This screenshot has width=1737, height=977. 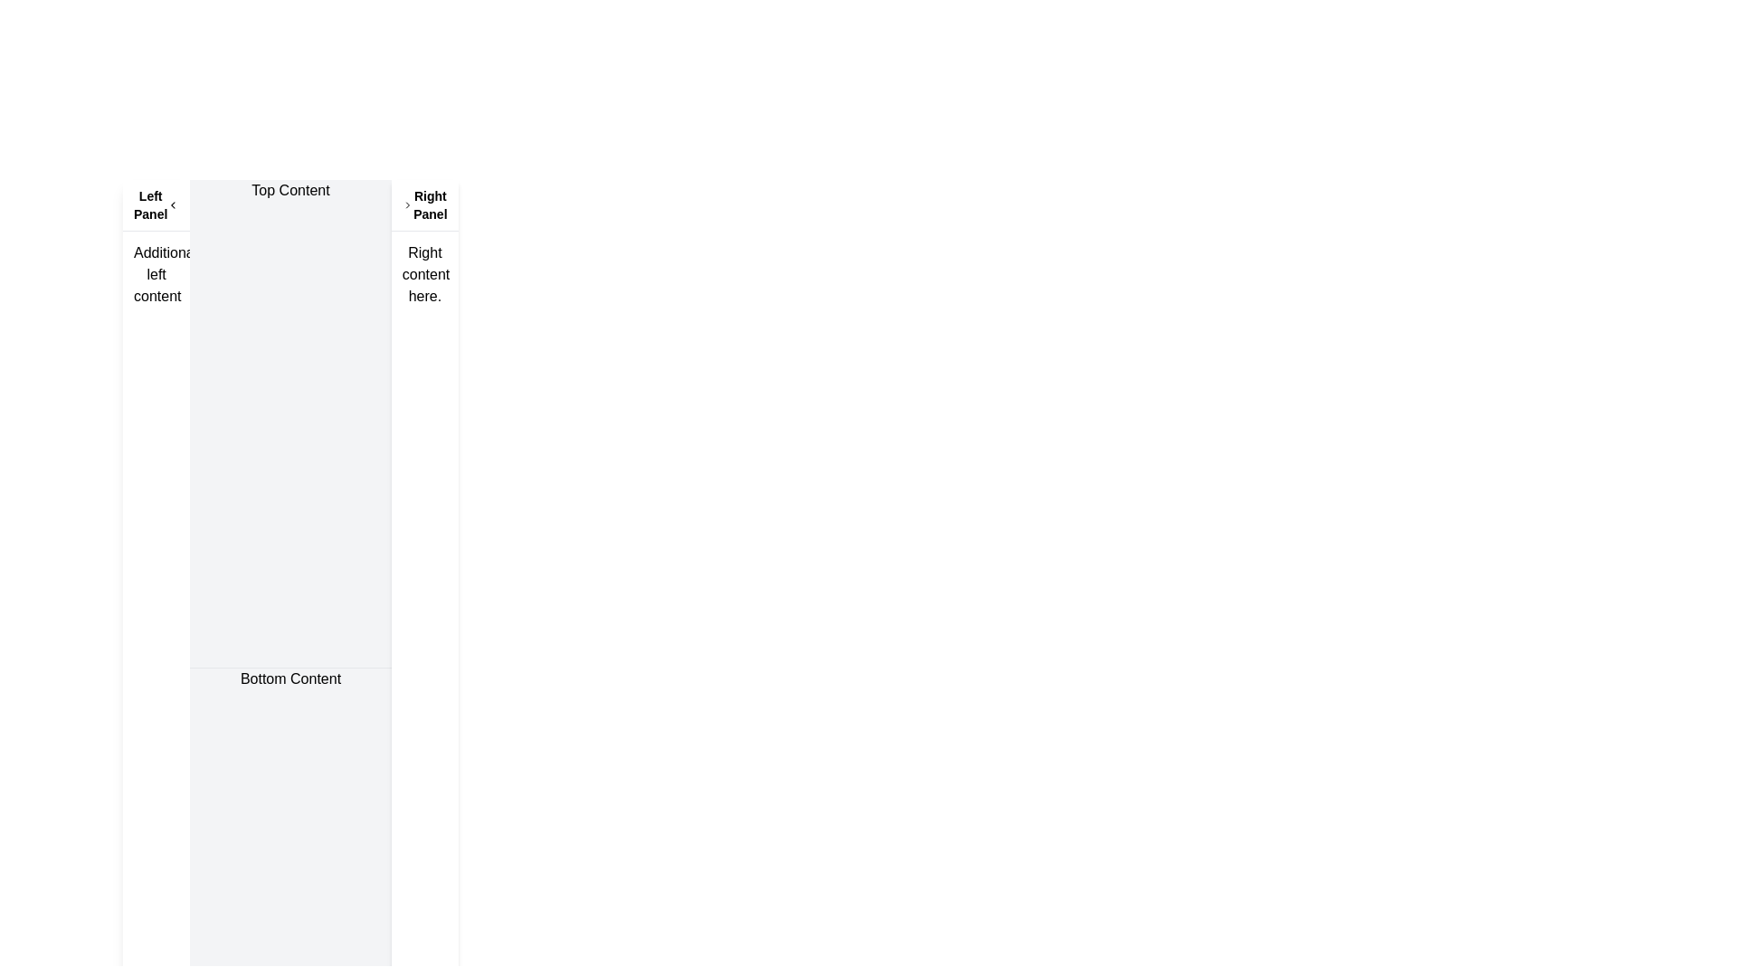 What do you see at coordinates (406, 204) in the screenshot?
I see `the Chevron icon located at the header of the 'Right Panel' section` at bounding box center [406, 204].